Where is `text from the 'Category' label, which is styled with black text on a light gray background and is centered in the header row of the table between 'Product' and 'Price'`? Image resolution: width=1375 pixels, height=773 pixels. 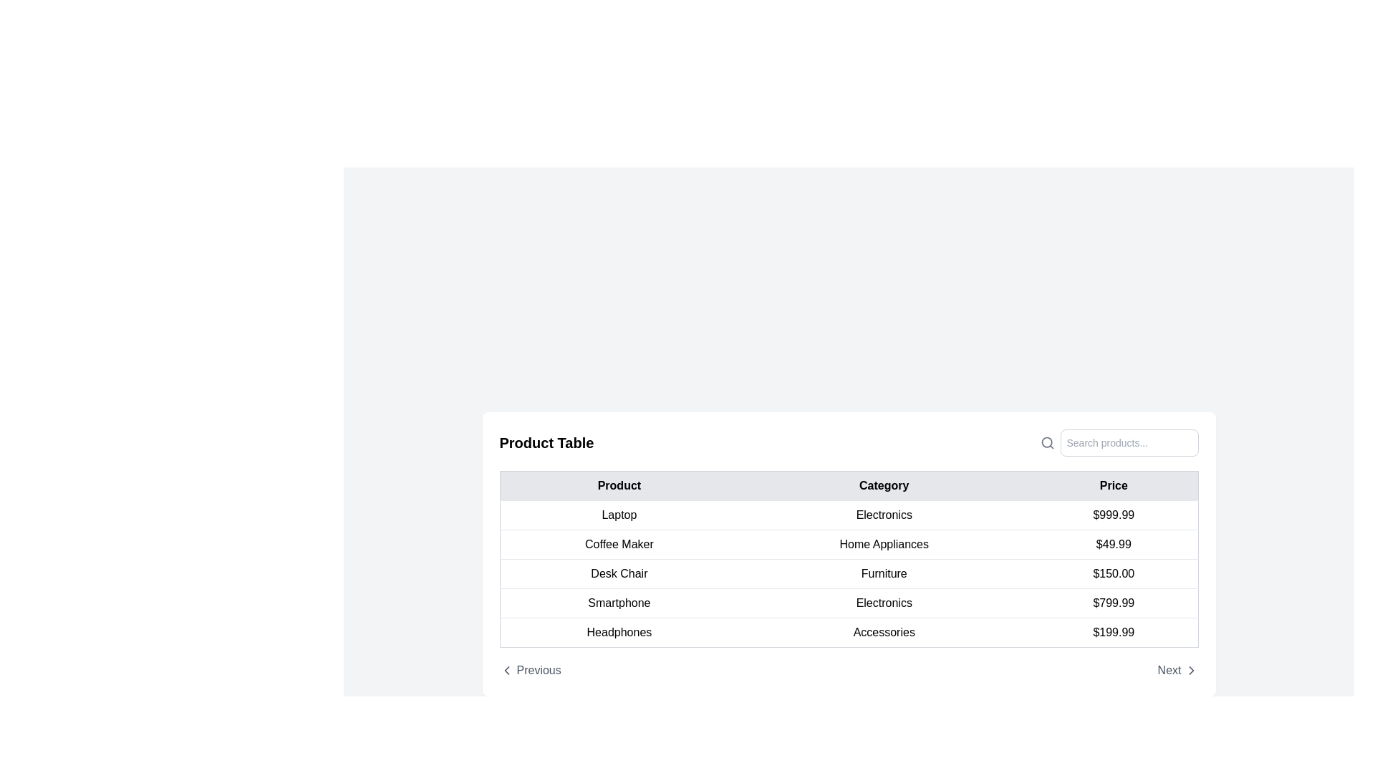 text from the 'Category' label, which is styled with black text on a light gray background and is centered in the header row of the table between 'Product' and 'Price' is located at coordinates (883, 485).